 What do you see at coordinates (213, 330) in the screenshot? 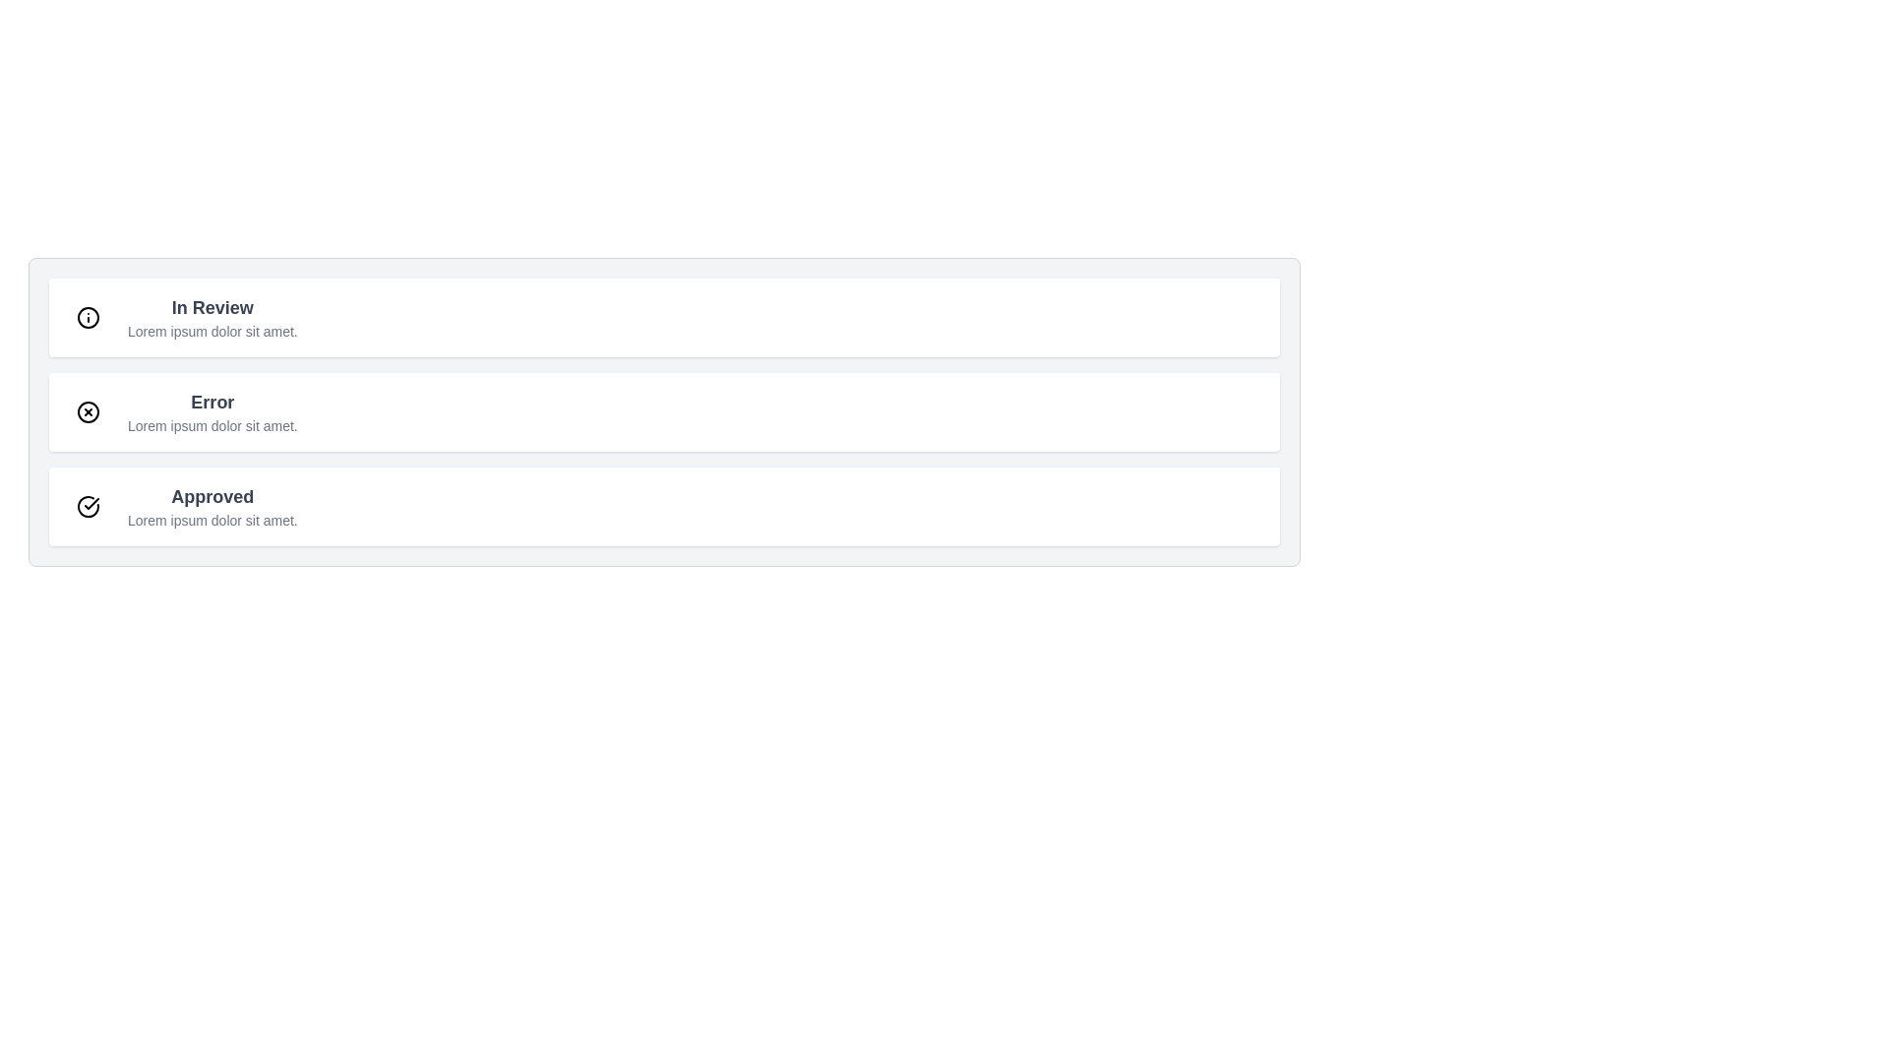
I see `the static text label located below the heading 'In Review', which provides additional context about the status or item` at bounding box center [213, 330].